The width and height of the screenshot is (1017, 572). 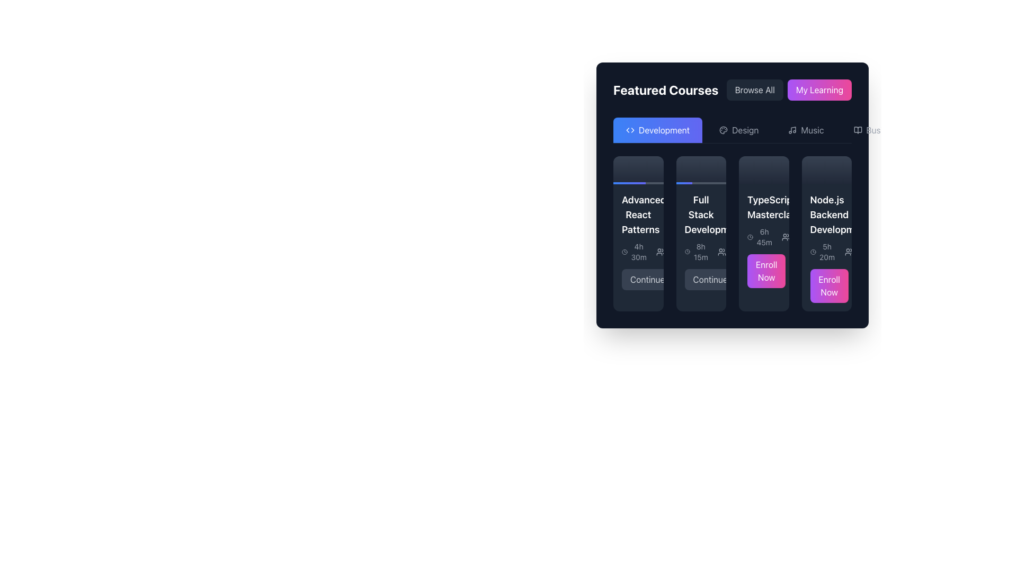 What do you see at coordinates (723, 130) in the screenshot?
I see `the 'Design' icon located in the central navigation bar, which is positioned to the immediate right of the 'Development' tab` at bounding box center [723, 130].